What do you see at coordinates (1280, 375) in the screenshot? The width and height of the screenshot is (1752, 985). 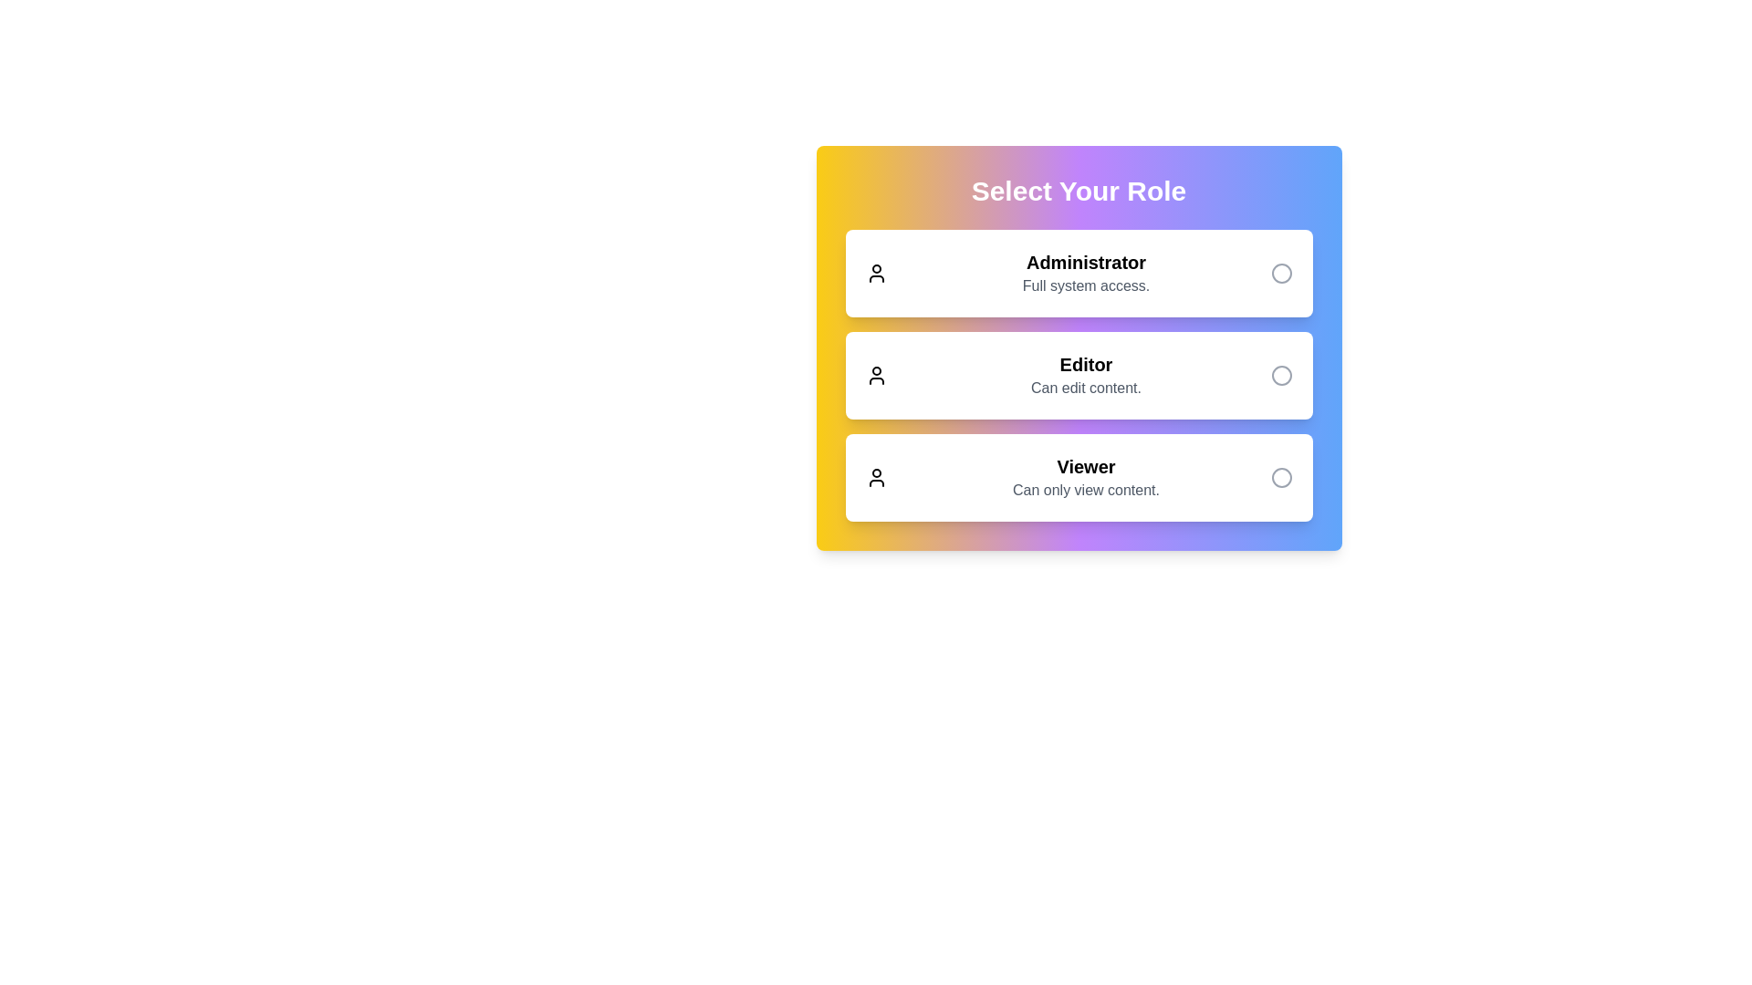 I see `the circular radio button for role selection located on the right side of the 'Editor' card` at bounding box center [1280, 375].